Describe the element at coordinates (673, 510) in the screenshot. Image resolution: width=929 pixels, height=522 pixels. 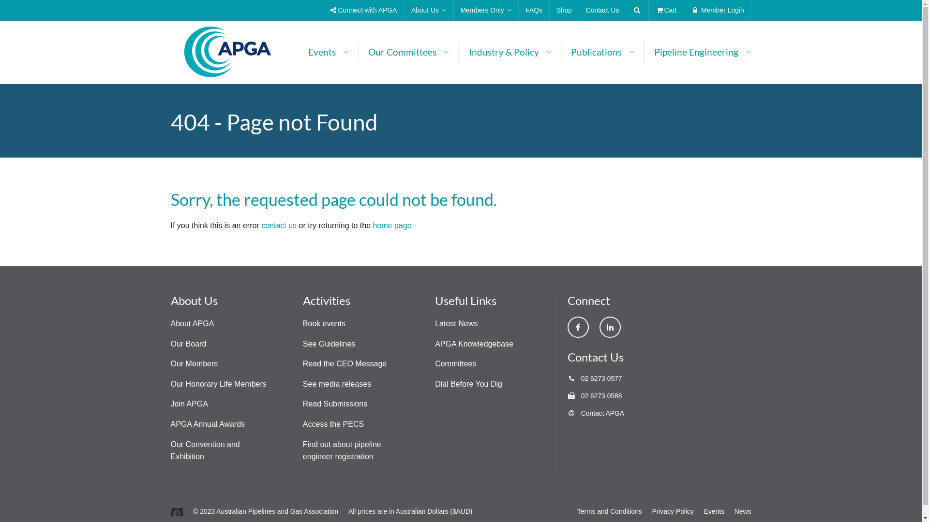
I see `'Privacy Policy'` at that location.